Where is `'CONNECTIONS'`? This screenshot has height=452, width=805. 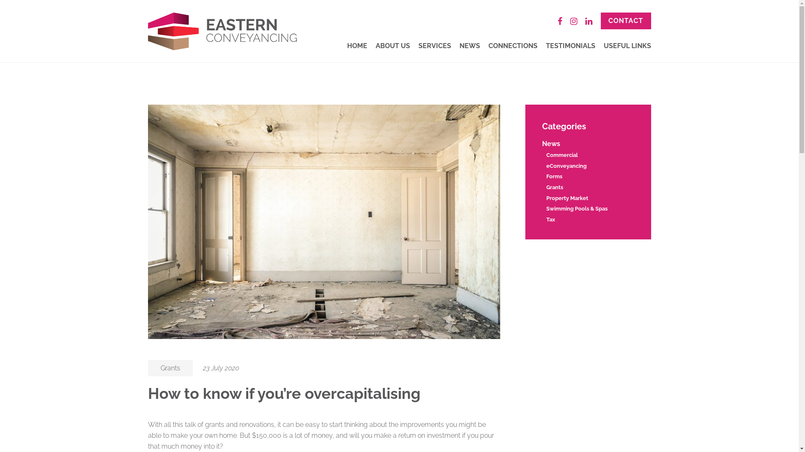 'CONNECTIONS' is located at coordinates (488, 46).